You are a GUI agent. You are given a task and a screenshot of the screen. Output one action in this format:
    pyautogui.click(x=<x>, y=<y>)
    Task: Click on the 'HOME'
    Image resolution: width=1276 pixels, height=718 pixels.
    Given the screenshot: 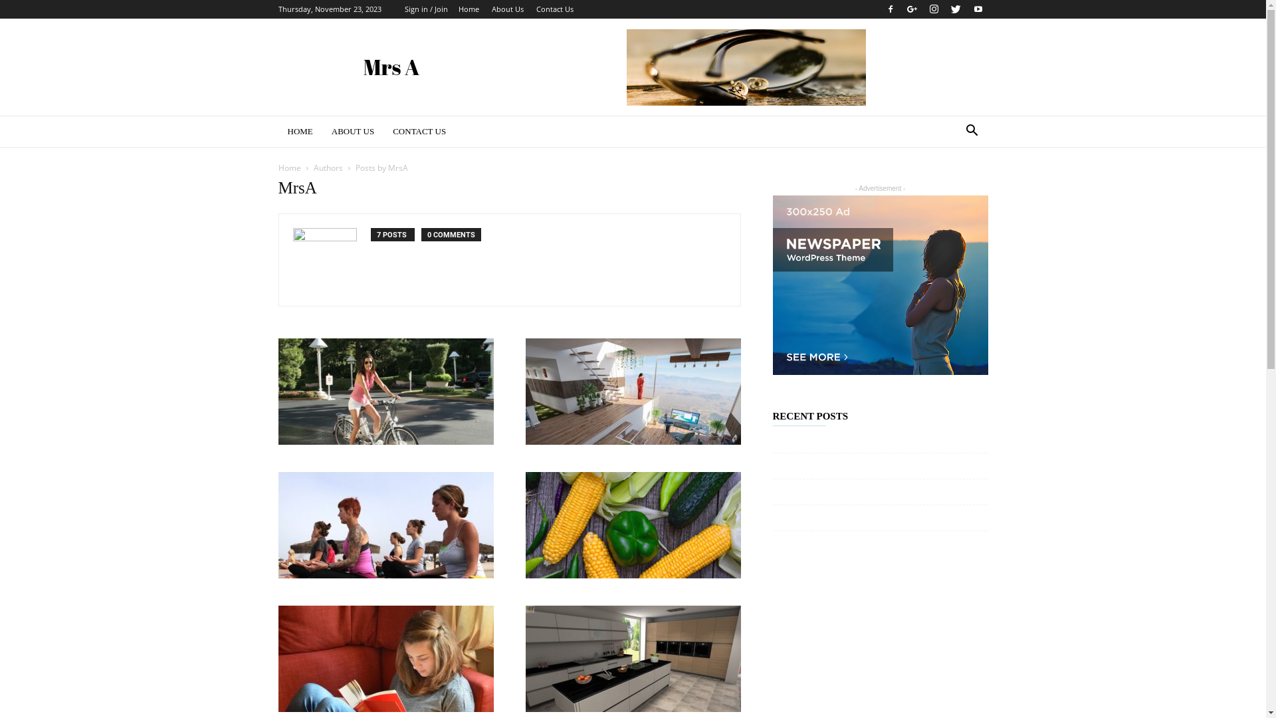 What is the action you would take?
    pyautogui.click(x=276, y=131)
    